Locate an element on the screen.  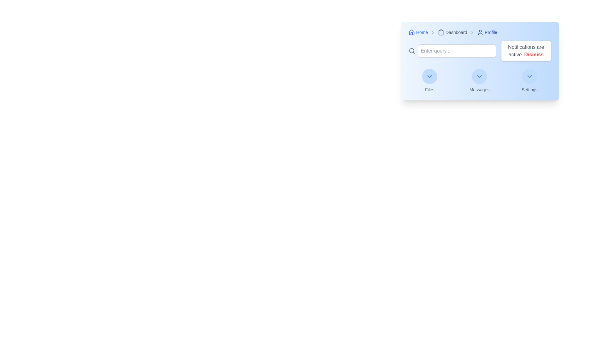
the 'Home' navigation icon located at the top-left region of the interface, which redirects to the main dashboard when interacted with is located at coordinates (412, 32).